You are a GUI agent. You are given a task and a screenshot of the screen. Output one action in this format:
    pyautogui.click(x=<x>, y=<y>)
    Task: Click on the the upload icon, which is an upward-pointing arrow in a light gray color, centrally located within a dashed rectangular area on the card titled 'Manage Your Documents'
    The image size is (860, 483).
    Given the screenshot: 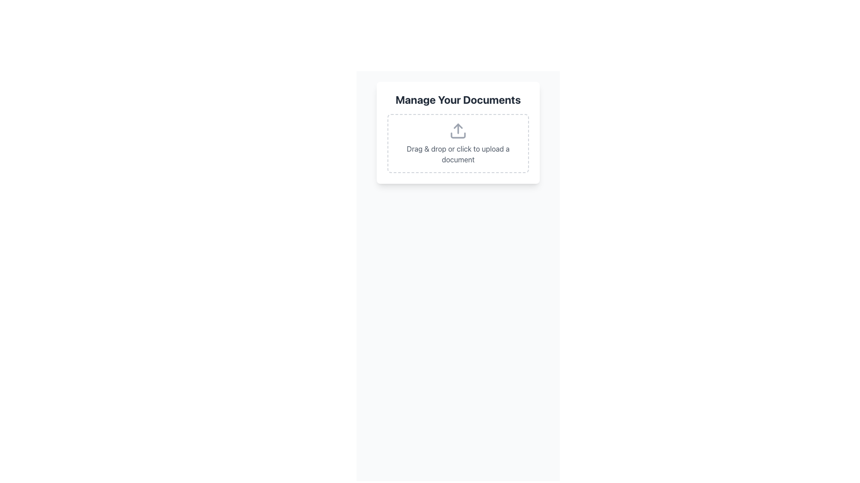 What is the action you would take?
    pyautogui.click(x=458, y=131)
    